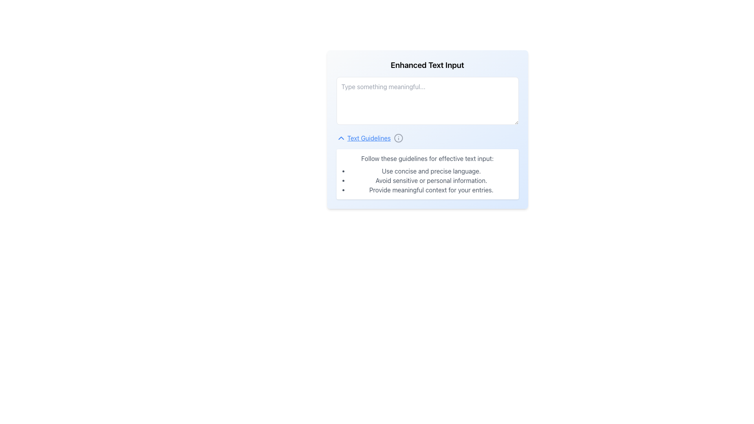  I want to click on the first list item that provides instructional guidelines for enhancing text input, located below the heading 'Follow these guidelines for effective text input:', so click(431, 170).